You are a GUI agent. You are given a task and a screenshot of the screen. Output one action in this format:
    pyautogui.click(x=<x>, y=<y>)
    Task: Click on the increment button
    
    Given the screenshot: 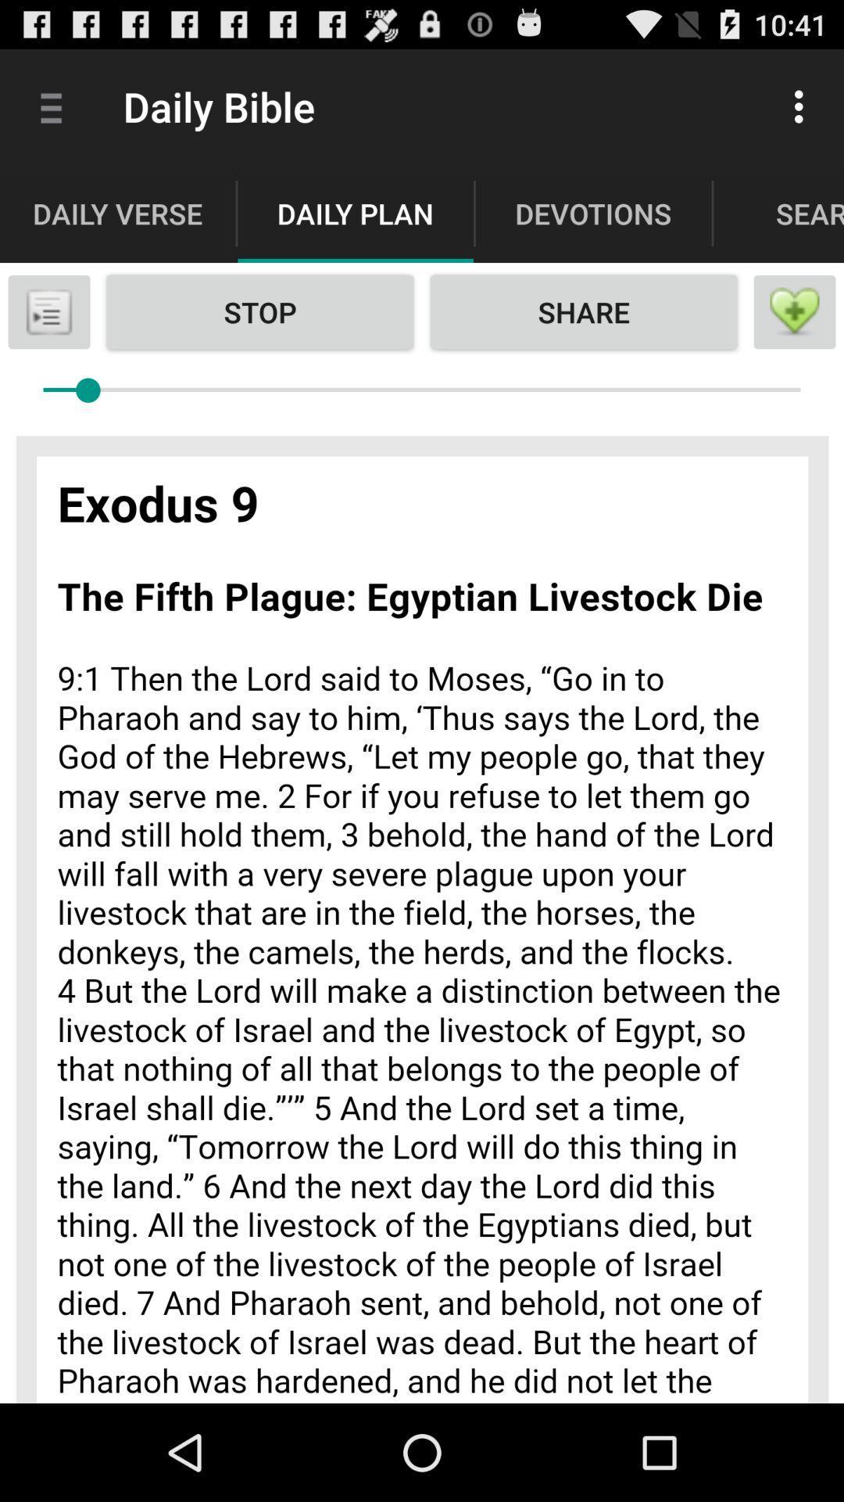 What is the action you would take?
    pyautogui.click(x=795, y=311)
    